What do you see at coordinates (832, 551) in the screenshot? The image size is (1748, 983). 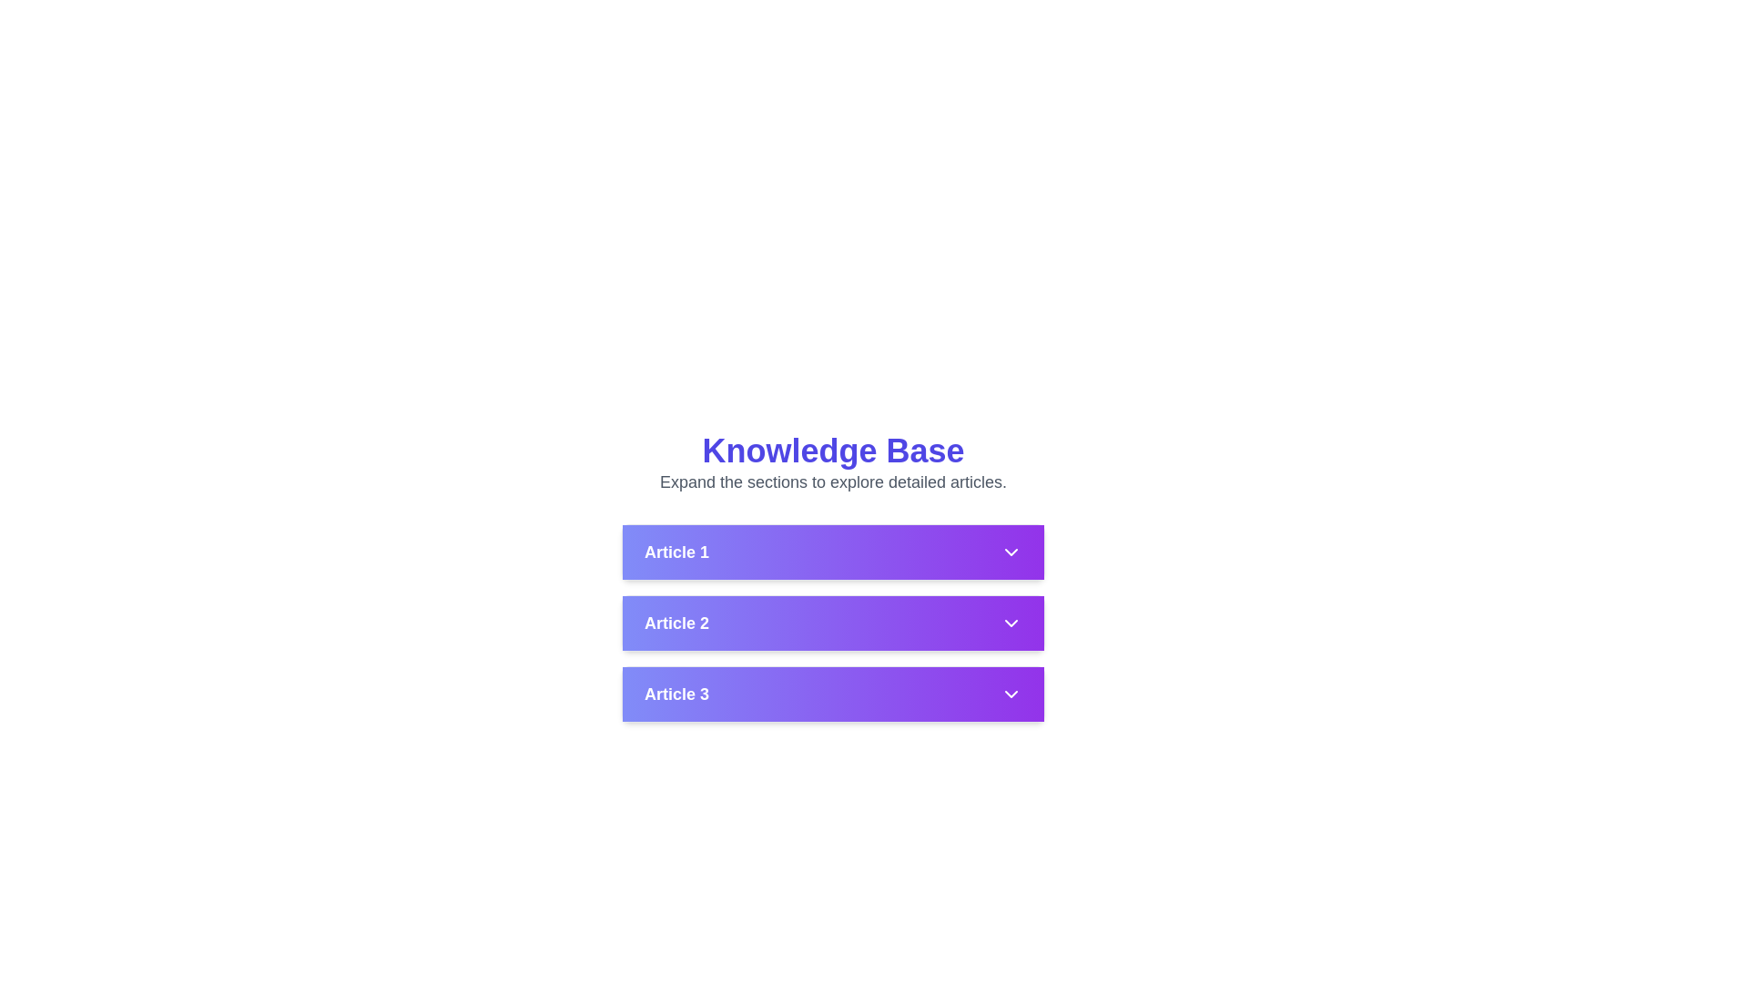 I see `the first button under the title 'Knowledge Base'` at bounding box center [832, 551].